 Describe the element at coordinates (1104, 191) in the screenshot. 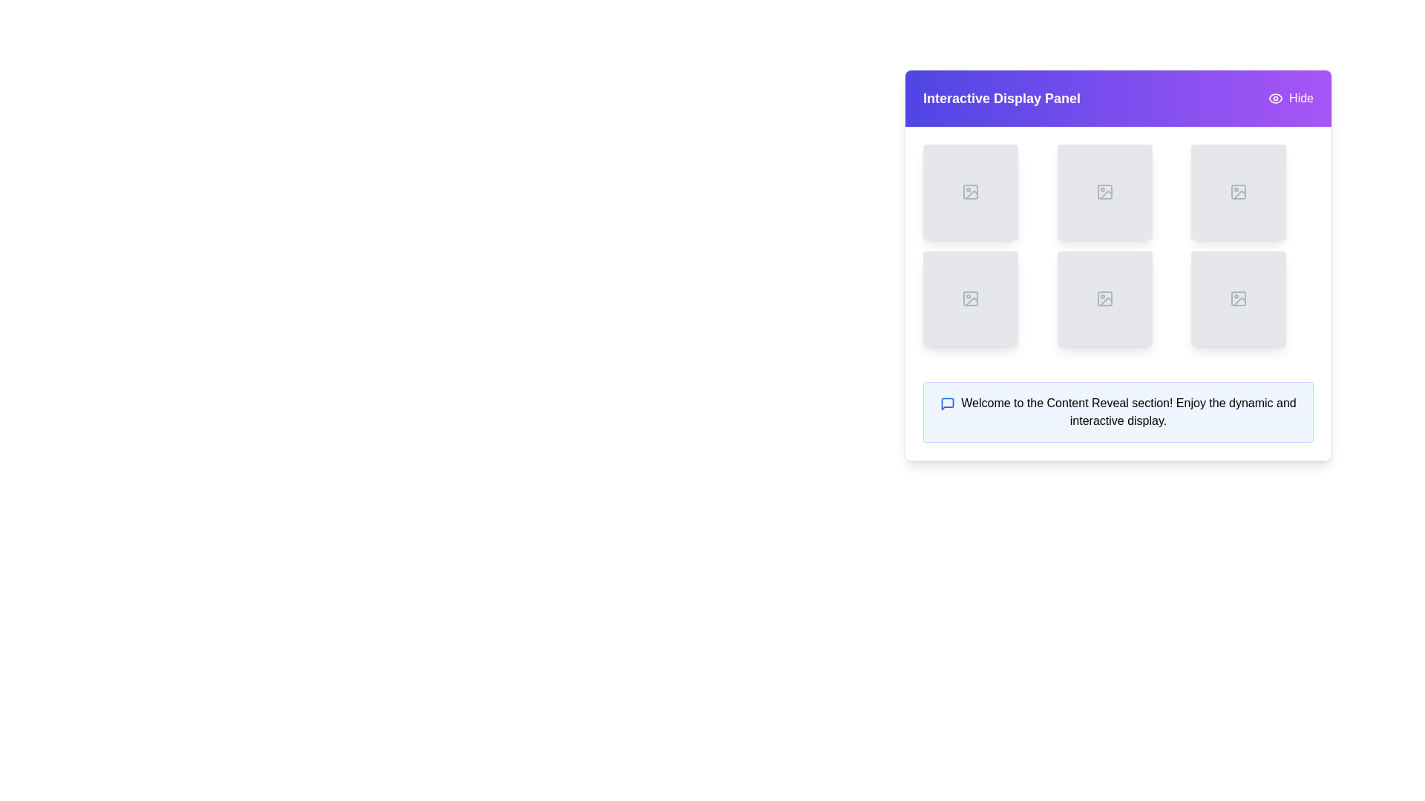

I see `the small rectangular light gray icon with rounded corners located in the second cell of the top row within a grid of placeholders` at that location.